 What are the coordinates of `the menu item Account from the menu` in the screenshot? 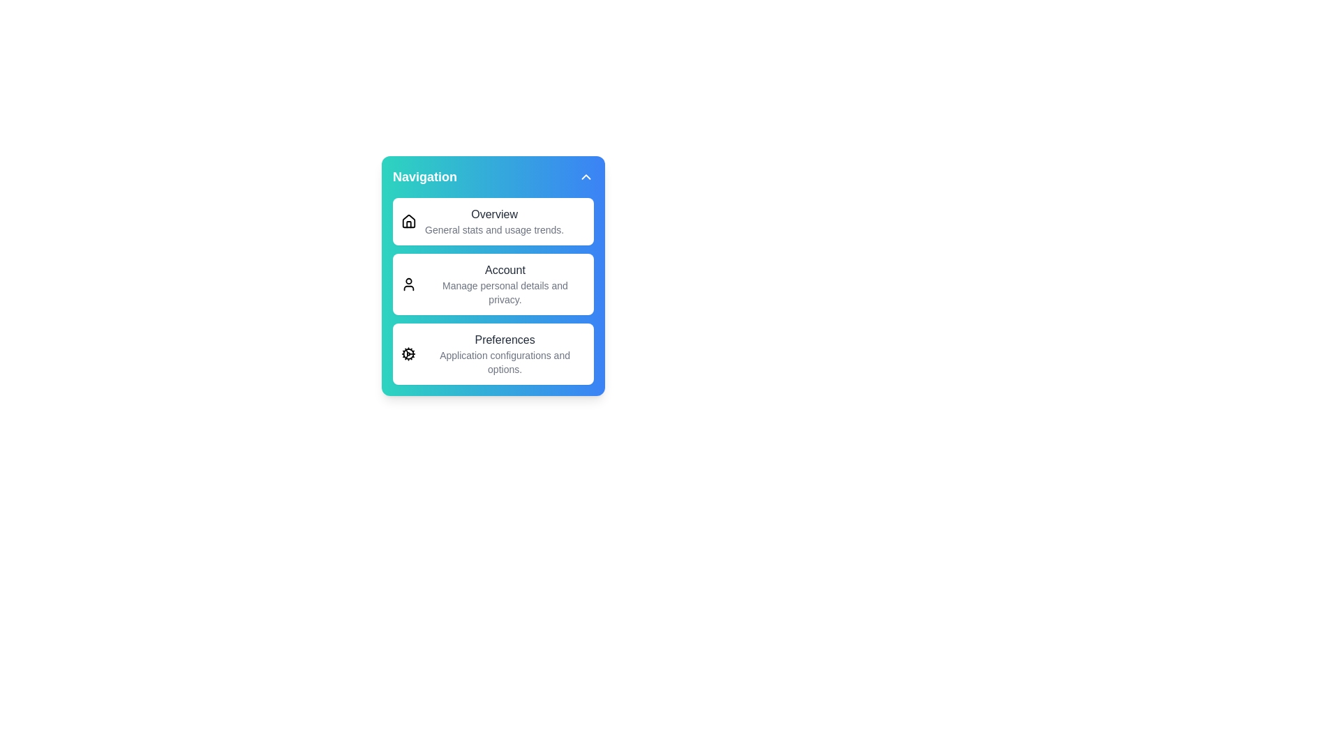 It's located at (493, 284).